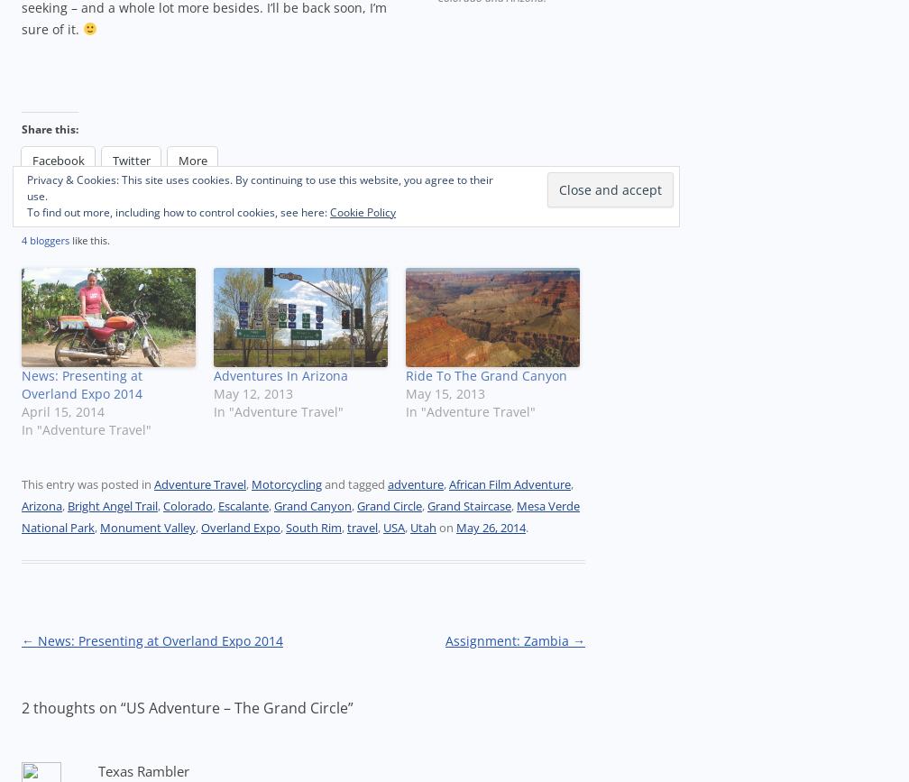 The image size is (909, 782). What do you see at coordinates (199, 483) in the screenshot?
I see `'Adventure Travel'` at bounding box center [199, 483].